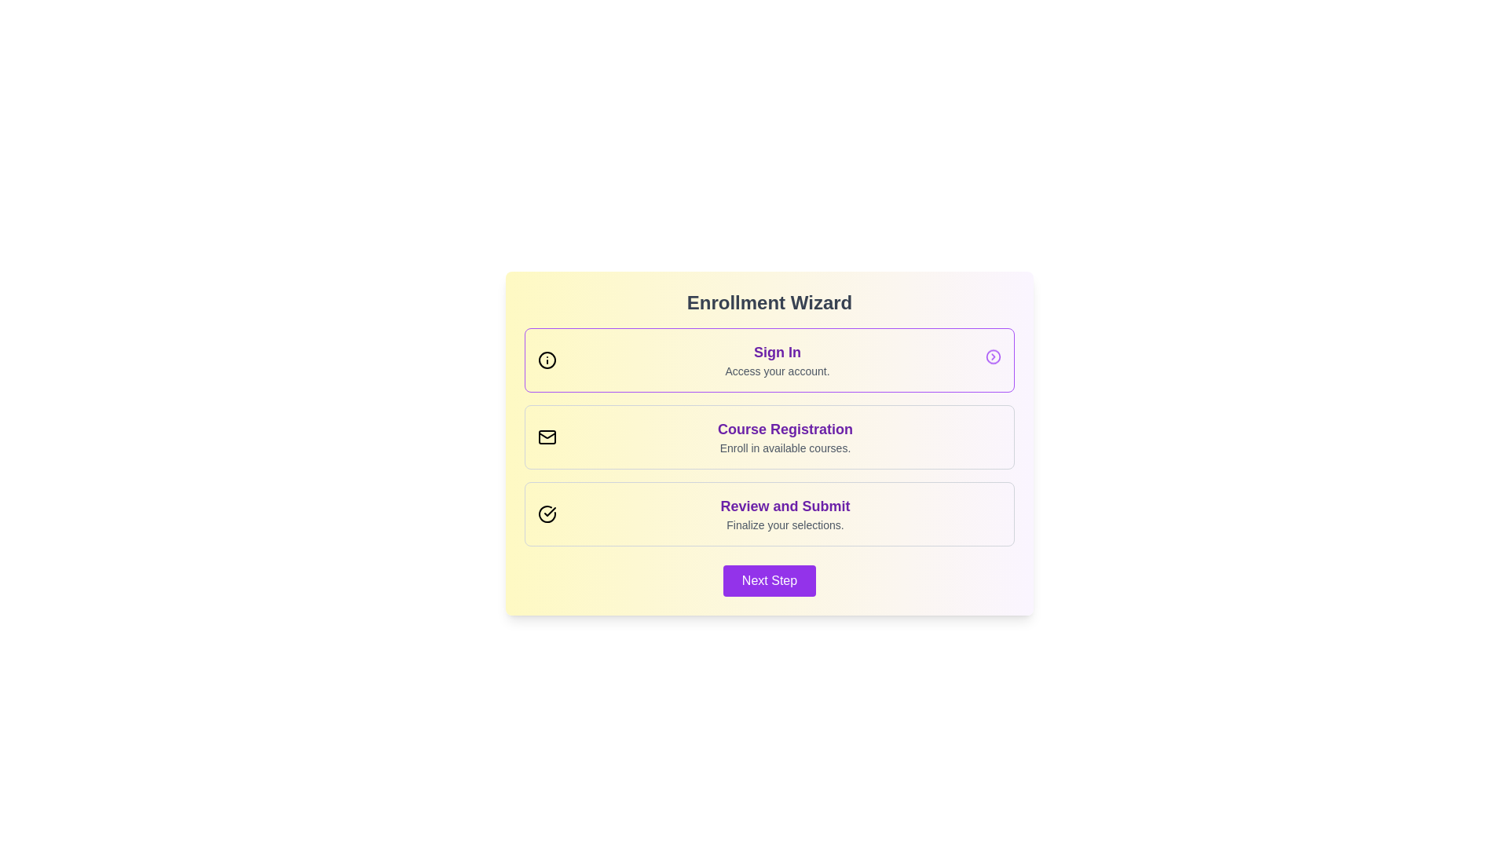  Describe the element at coordinates (785, 514) in the screenshot. I see `the text block that displays the final selection review step in the enrollment process, positioned between 'Course Registration' and the 'Next Step' button` at that location.